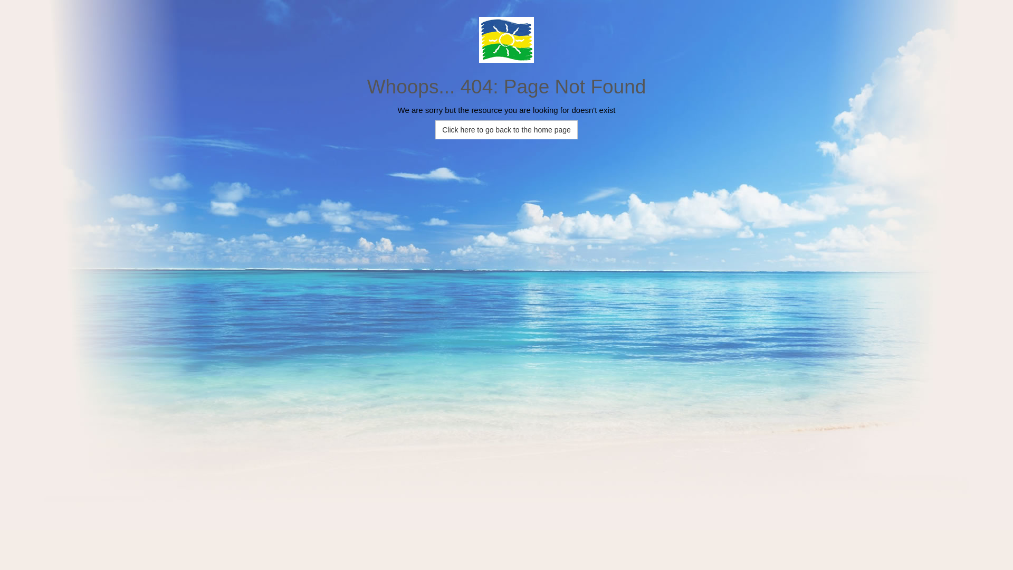 This screenshot has width=1013, height=570. Describe the element at coordinates (506, 129) in the screenshot. I see `'Click here to go back to the home page'` at that location.